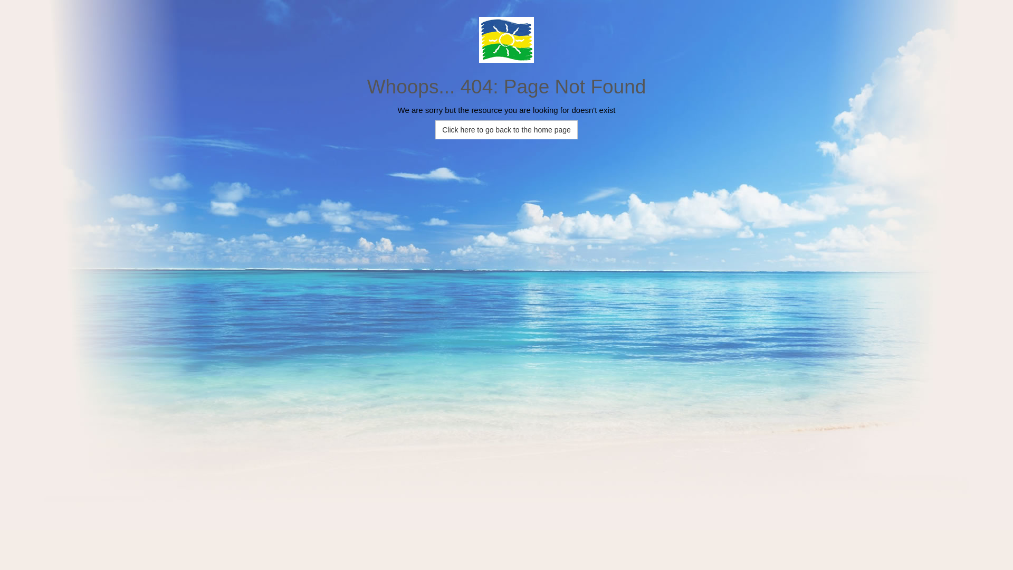 This screenshot has width=1013, height=570. Describe the element at coordinates (506, 129) in the screenshot. I see `'Click here to go back to the home page'` at that location.